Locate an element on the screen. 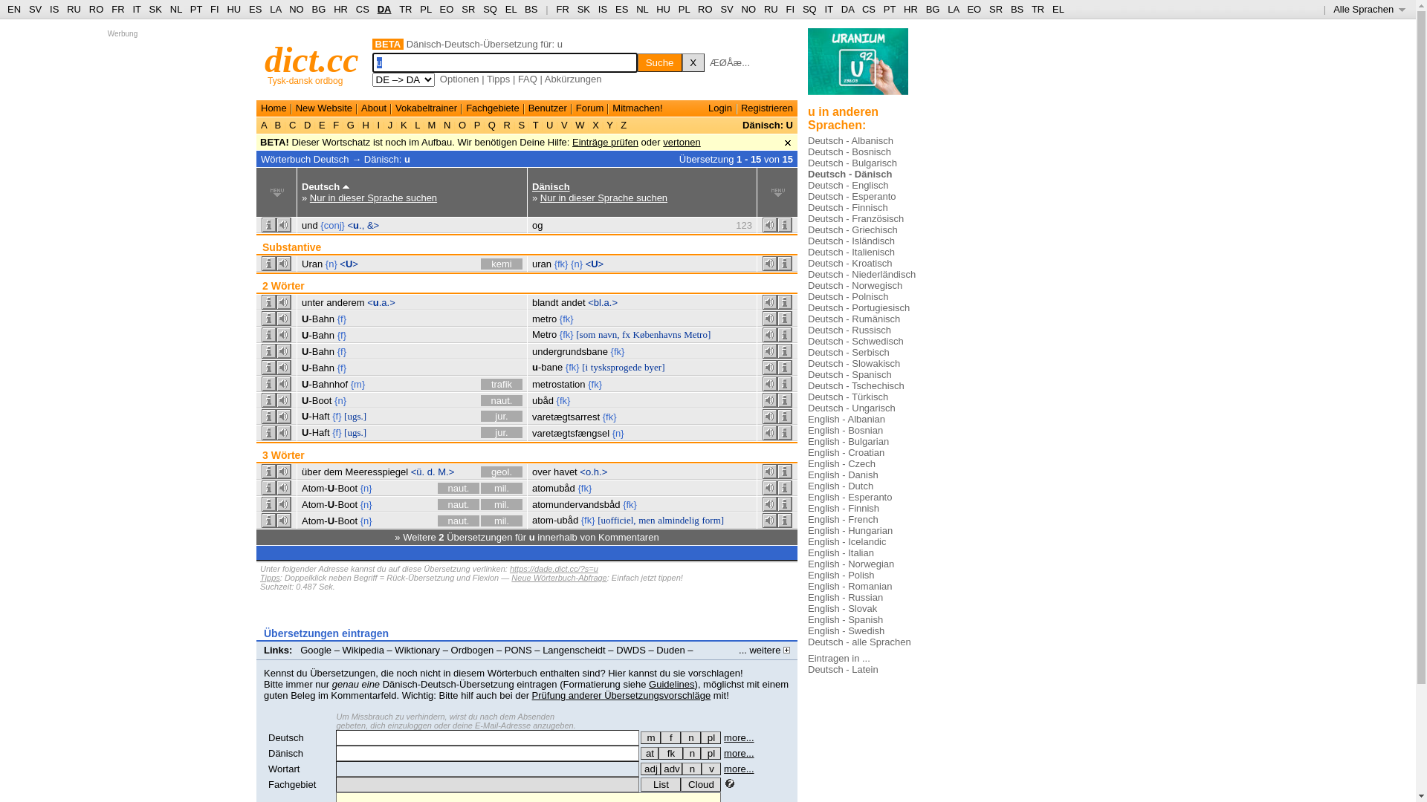 This screenshot has width=1427, height=802. 'kemi' is located at coordinates (502, 263).